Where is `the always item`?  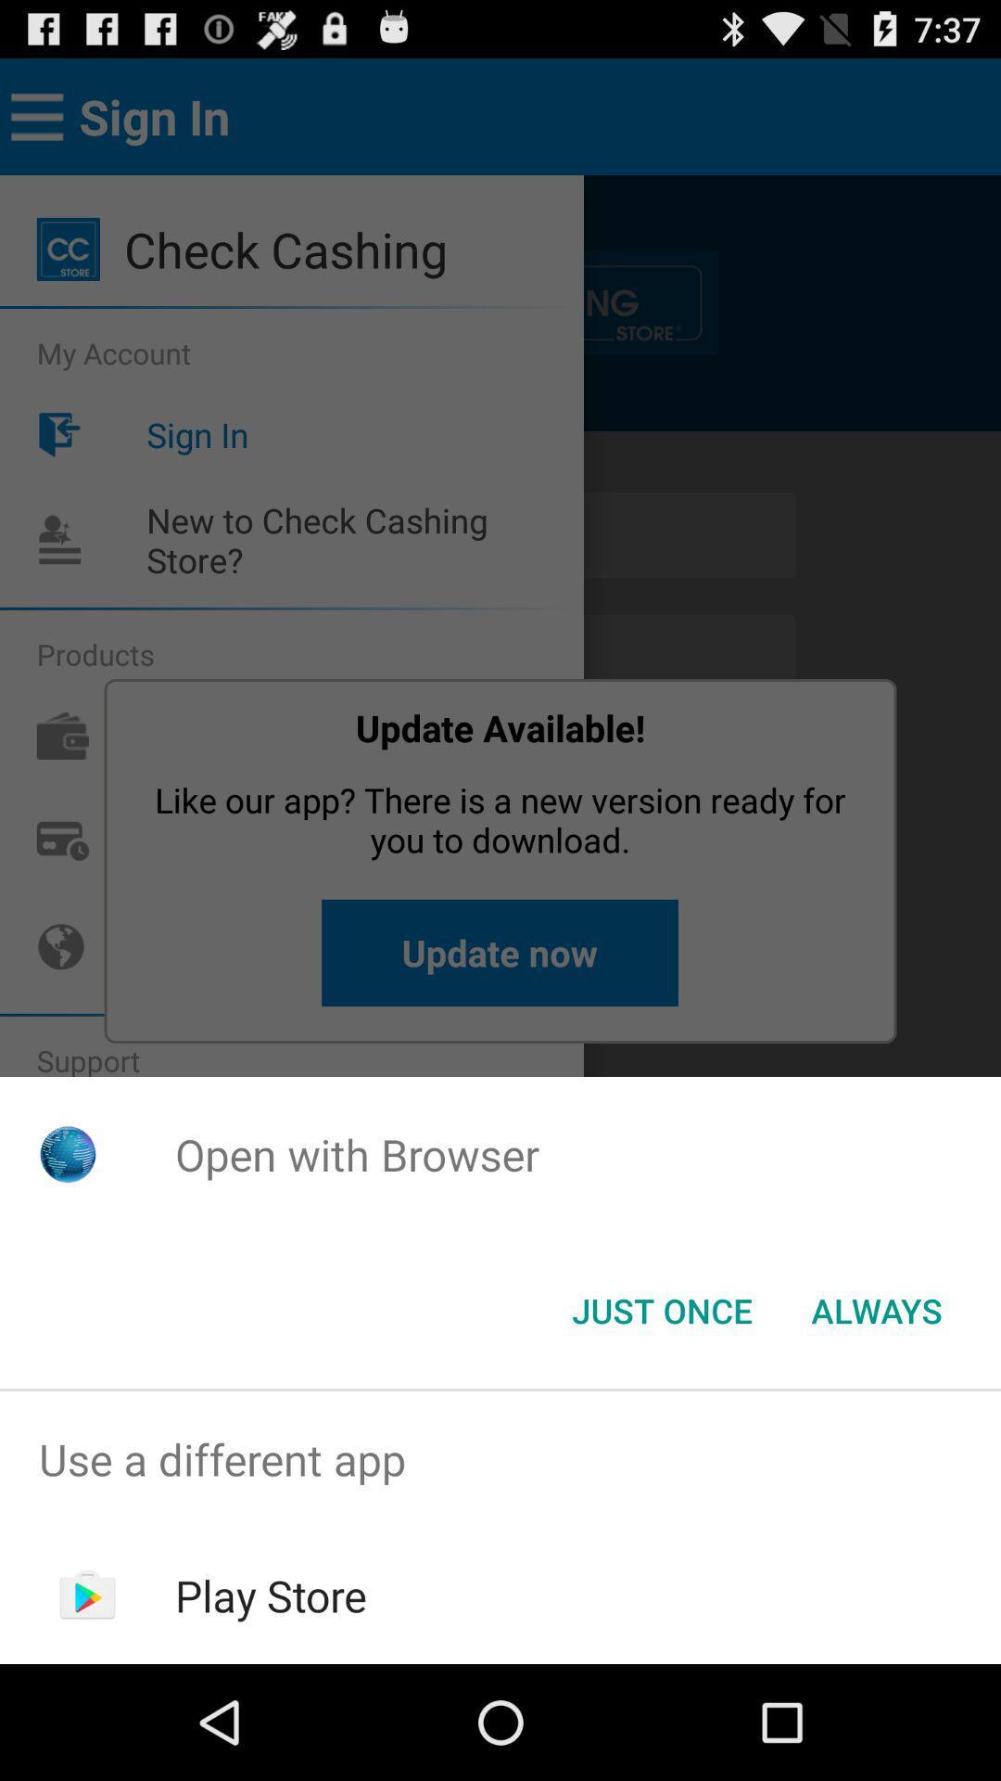
the always item is located at coordinates (876, 1309).